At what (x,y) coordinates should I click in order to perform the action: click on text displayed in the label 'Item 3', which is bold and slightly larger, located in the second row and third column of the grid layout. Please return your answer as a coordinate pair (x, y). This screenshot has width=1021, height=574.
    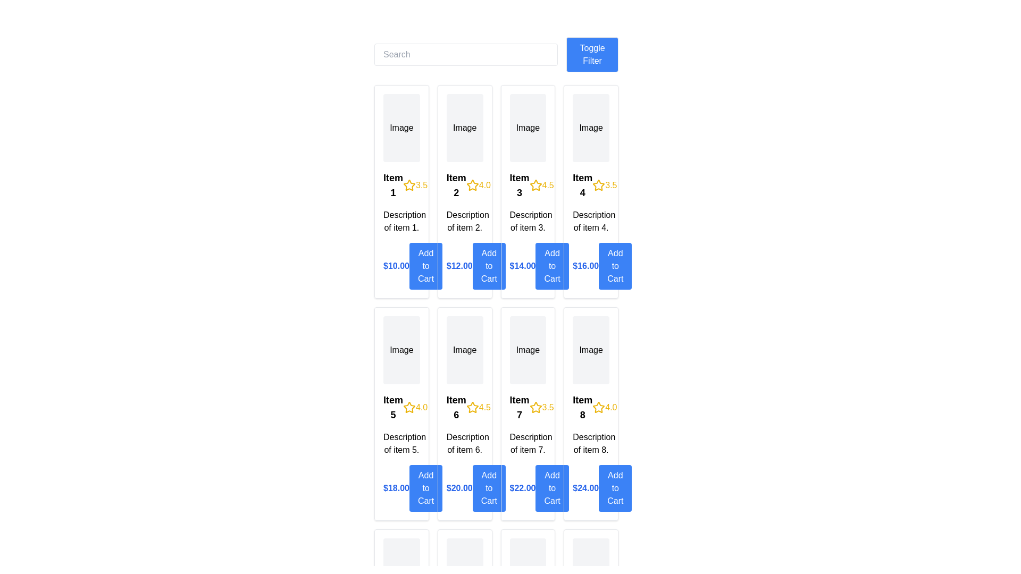
    Looking at the image, I should click on (520, 184).